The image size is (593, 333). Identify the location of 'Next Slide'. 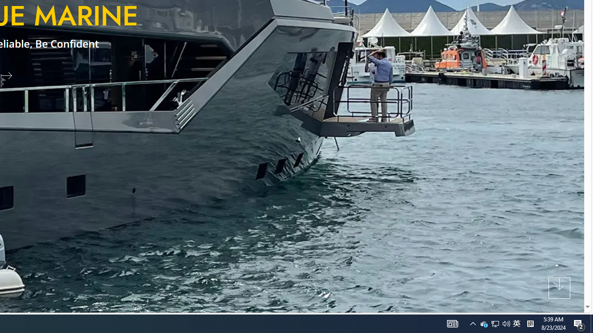
(10, 74).